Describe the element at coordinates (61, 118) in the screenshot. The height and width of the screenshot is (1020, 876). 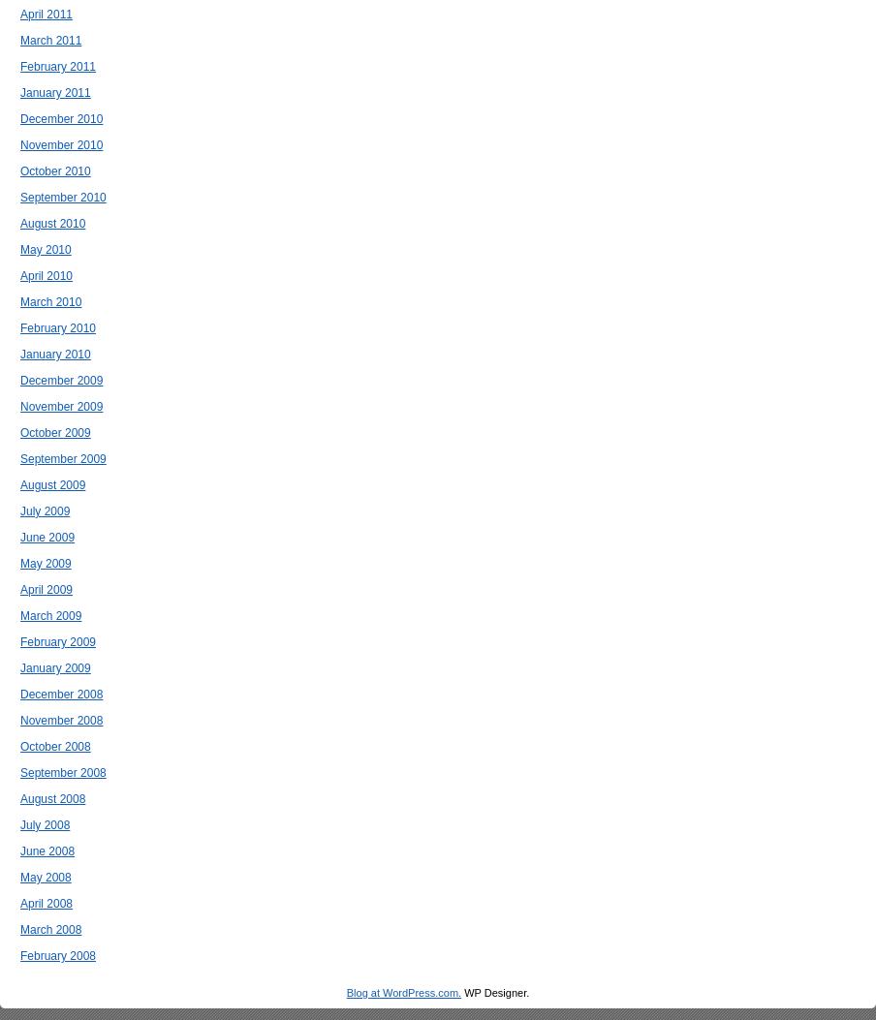
I see `'December 2010'` at that location.